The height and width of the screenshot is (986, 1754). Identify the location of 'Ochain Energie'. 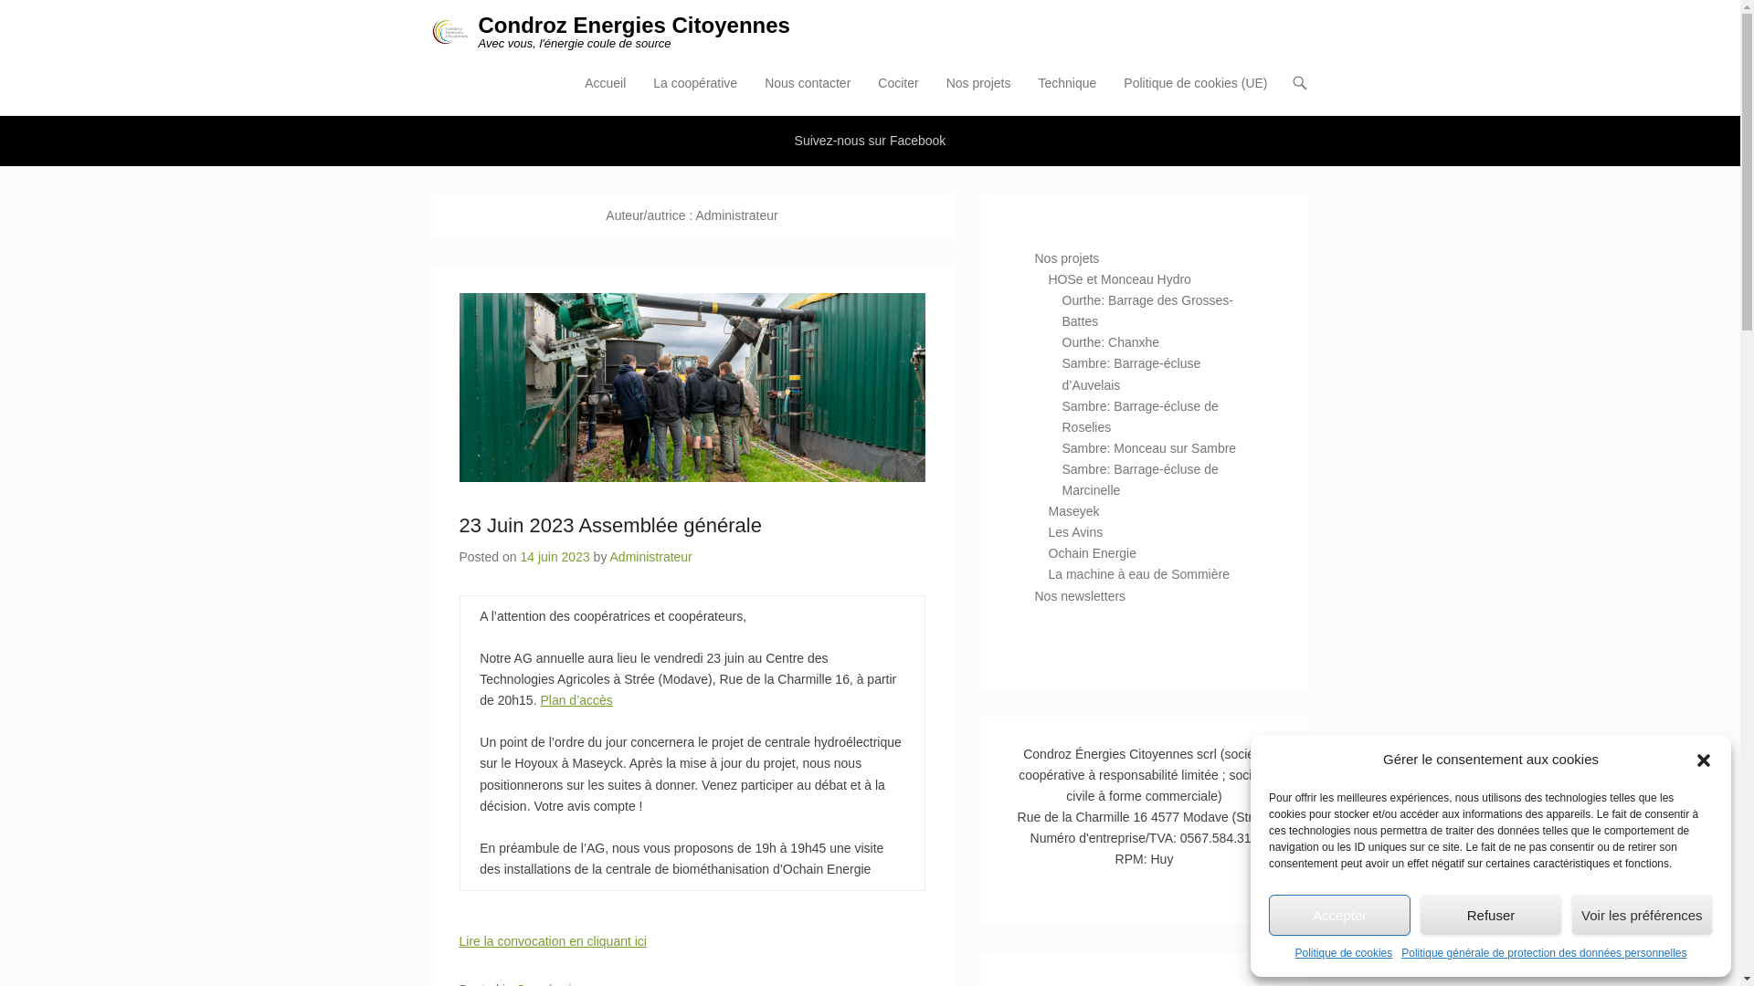
(1093, 551).